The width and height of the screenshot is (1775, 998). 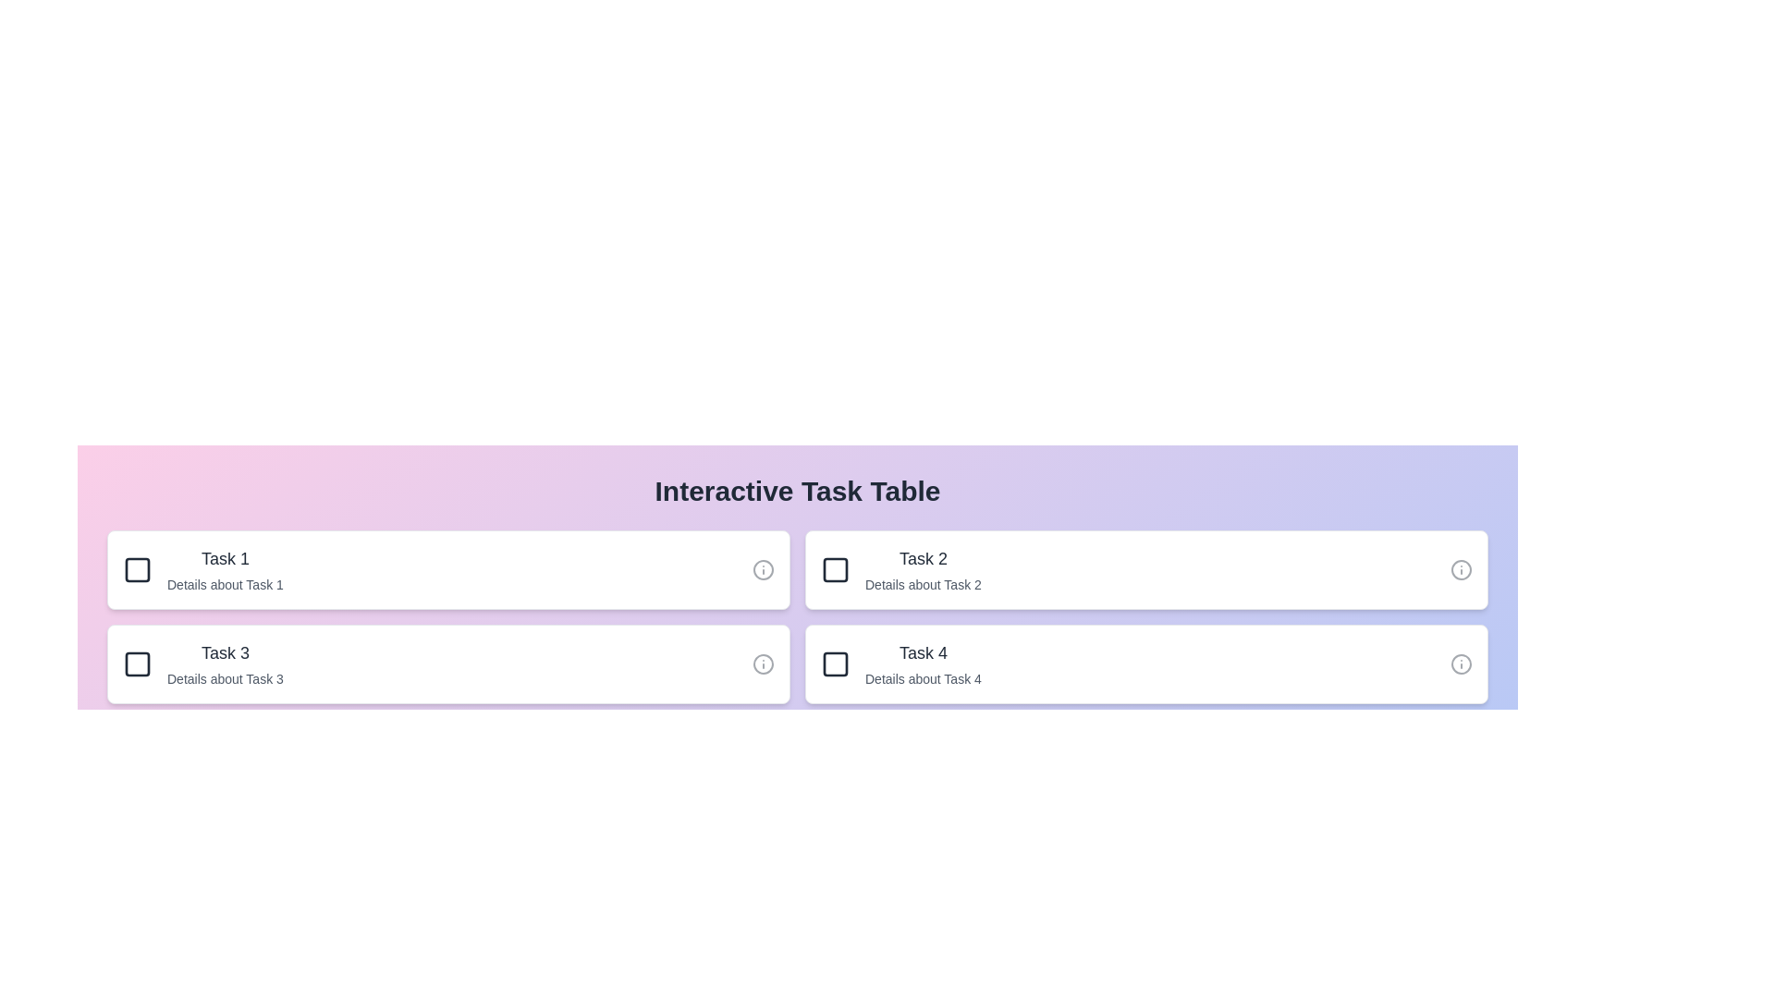 I want to click on checkbox next to task 1 to mark it as completed, so click(x=136, y=569).